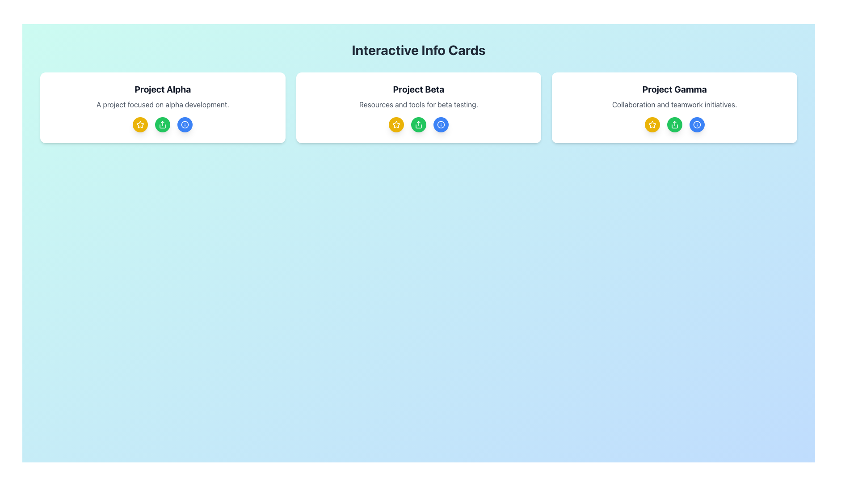  What do you see at coordinates (418, 50) in the screenshot?
I see `the static text label that displays 'Interactive Info Cards' at the top of the interface` at bounding box center [418, 50].